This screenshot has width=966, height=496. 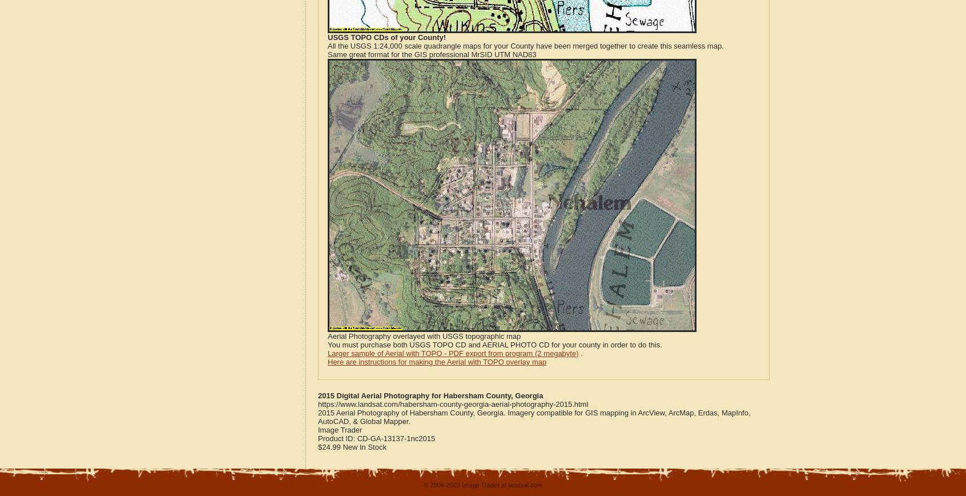 I want to click on '.', so click(x=579, y=353).